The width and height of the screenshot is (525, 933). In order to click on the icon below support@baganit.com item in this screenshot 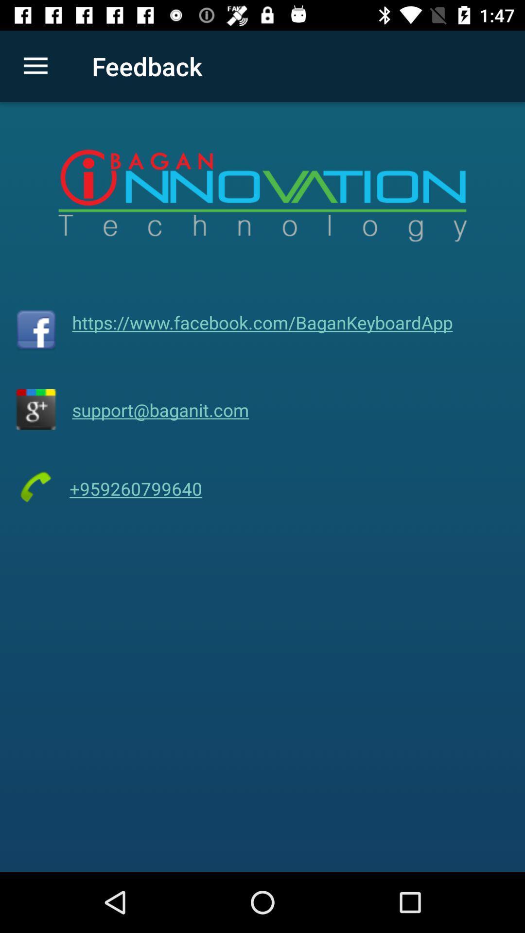, I will do `click(136, 488)`.